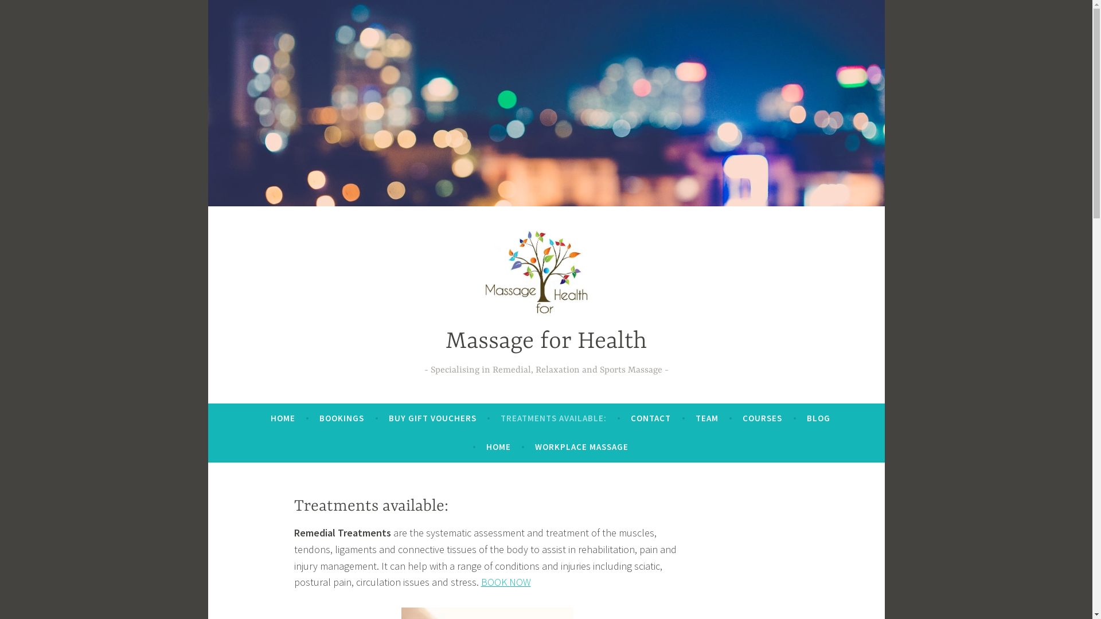 The width and height of the screenshot is (1101, 619). Describe the element at coordinates (546, 341) in the screenshot. I see `'Massage for Health'` at that location.